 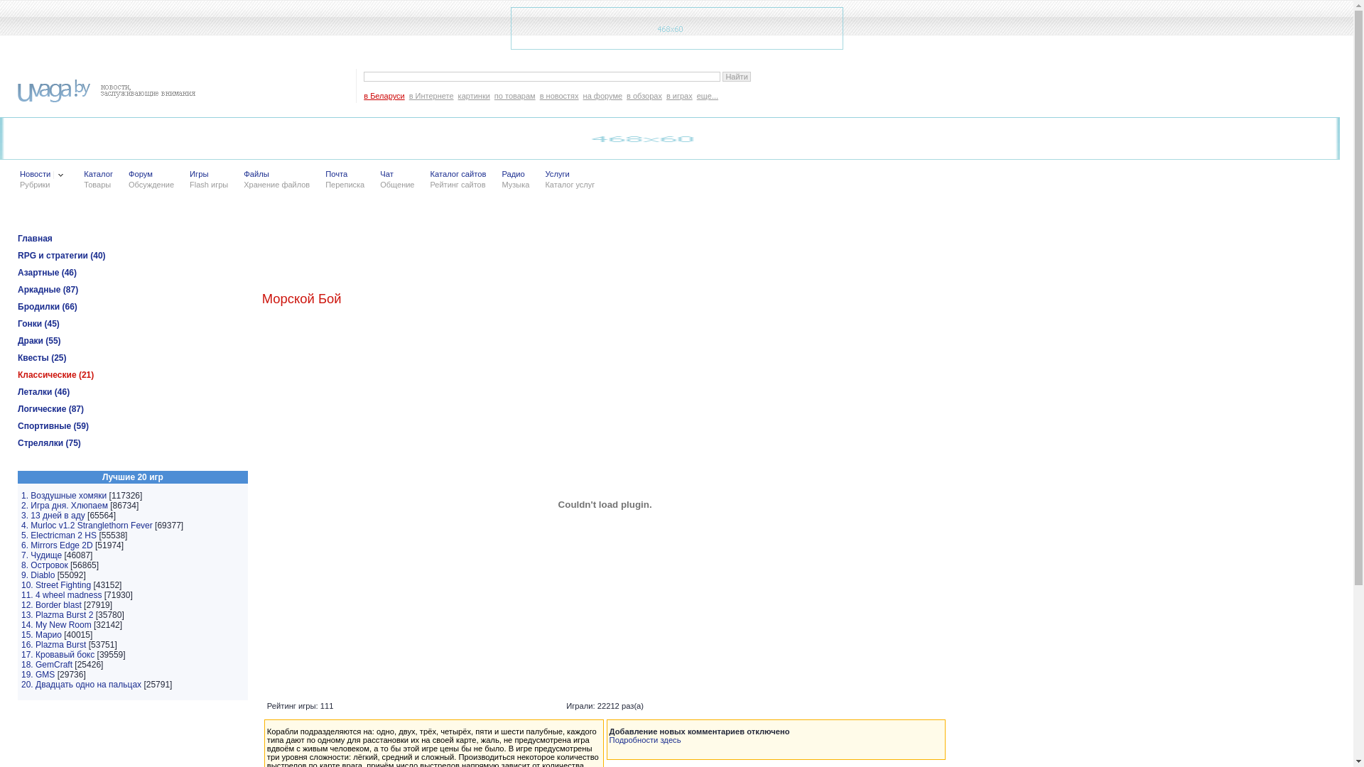 What do you see at coordinates (58, 535) in the screenshot?
I see `'5. Electricman 2 HS'` at bounding box center [58, 535].